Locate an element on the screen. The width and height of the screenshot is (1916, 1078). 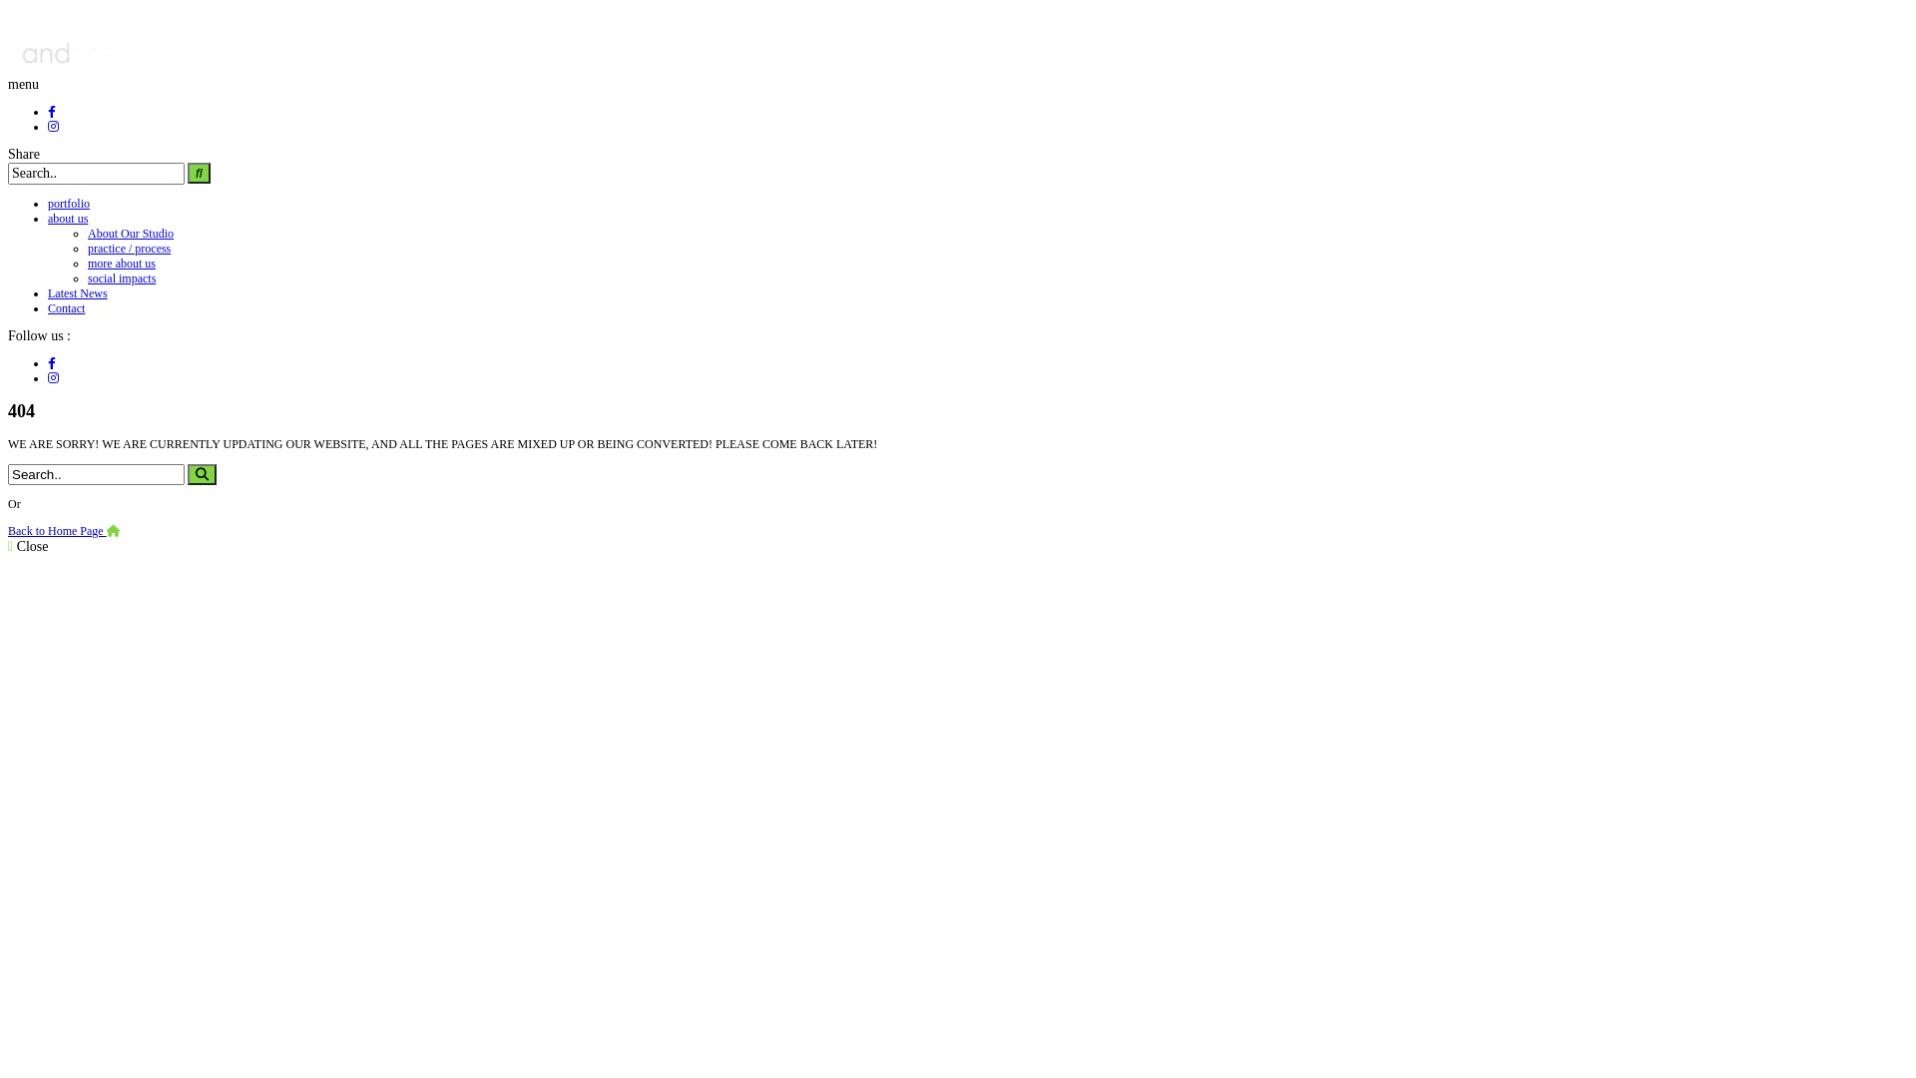
'Latest News' is located at coordinates (77, 292).